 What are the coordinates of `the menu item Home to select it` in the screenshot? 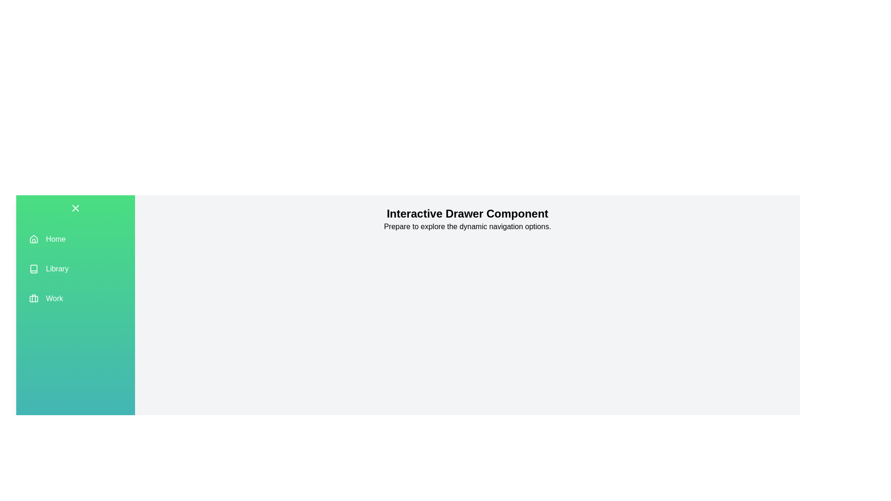 It's located at (76, 239).